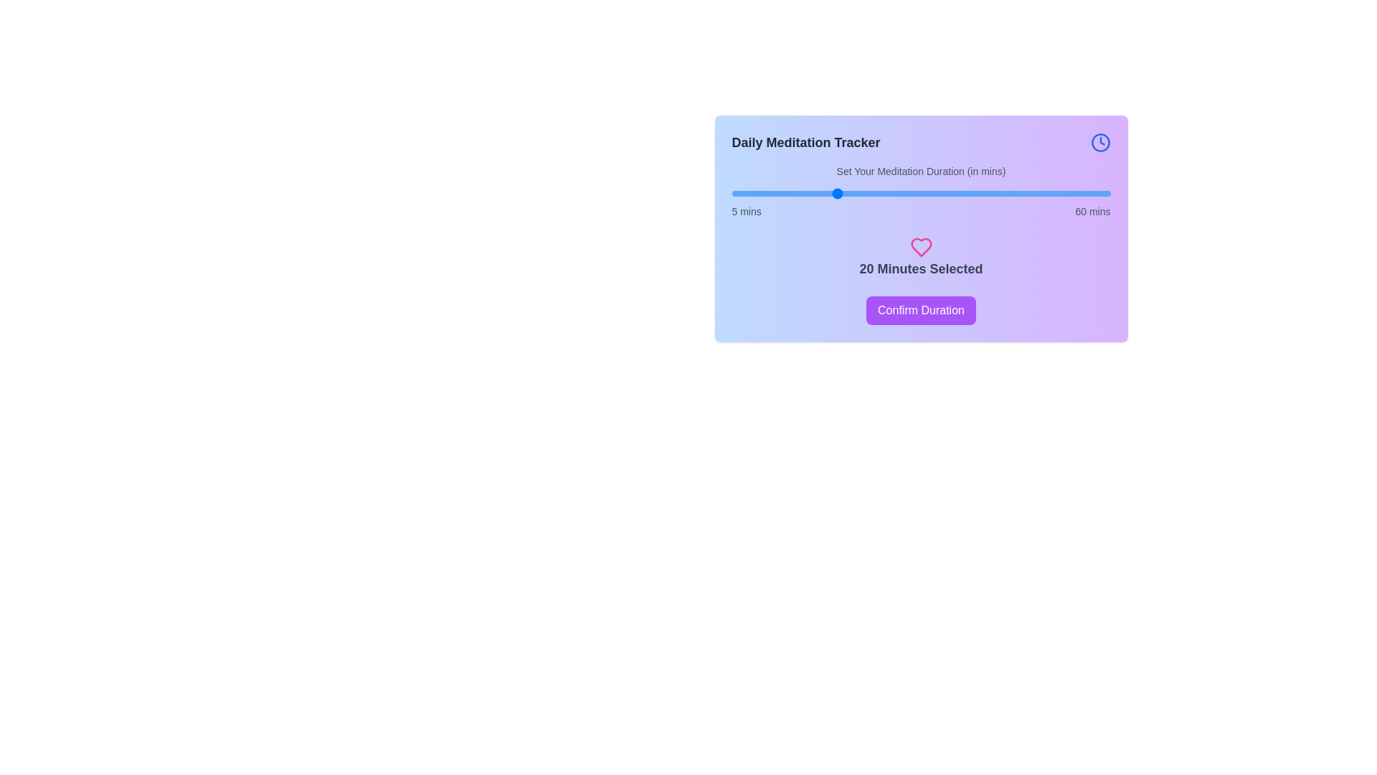 Image resolution: width=1377 pixels, height=775 pixels. What do you see at coordinates (1083, 194) in the screenshot?
I see `the meditation duration to 56 minutes using the slider` at bounding box center [1083, 194].